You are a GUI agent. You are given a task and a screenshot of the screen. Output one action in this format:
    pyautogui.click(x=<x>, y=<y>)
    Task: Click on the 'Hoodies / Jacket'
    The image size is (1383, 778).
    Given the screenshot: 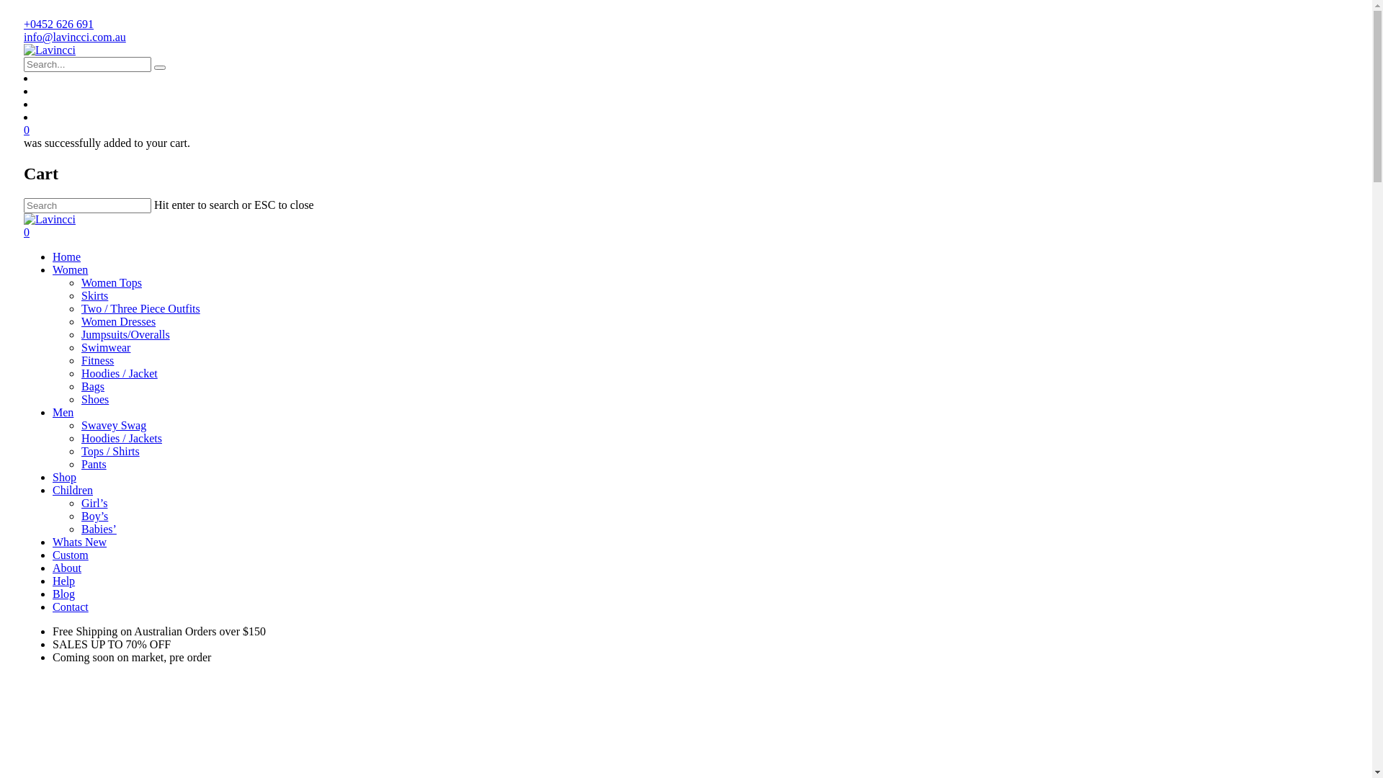 What is the action you would take?
    pyautogui.click(x=120, y=372)
    